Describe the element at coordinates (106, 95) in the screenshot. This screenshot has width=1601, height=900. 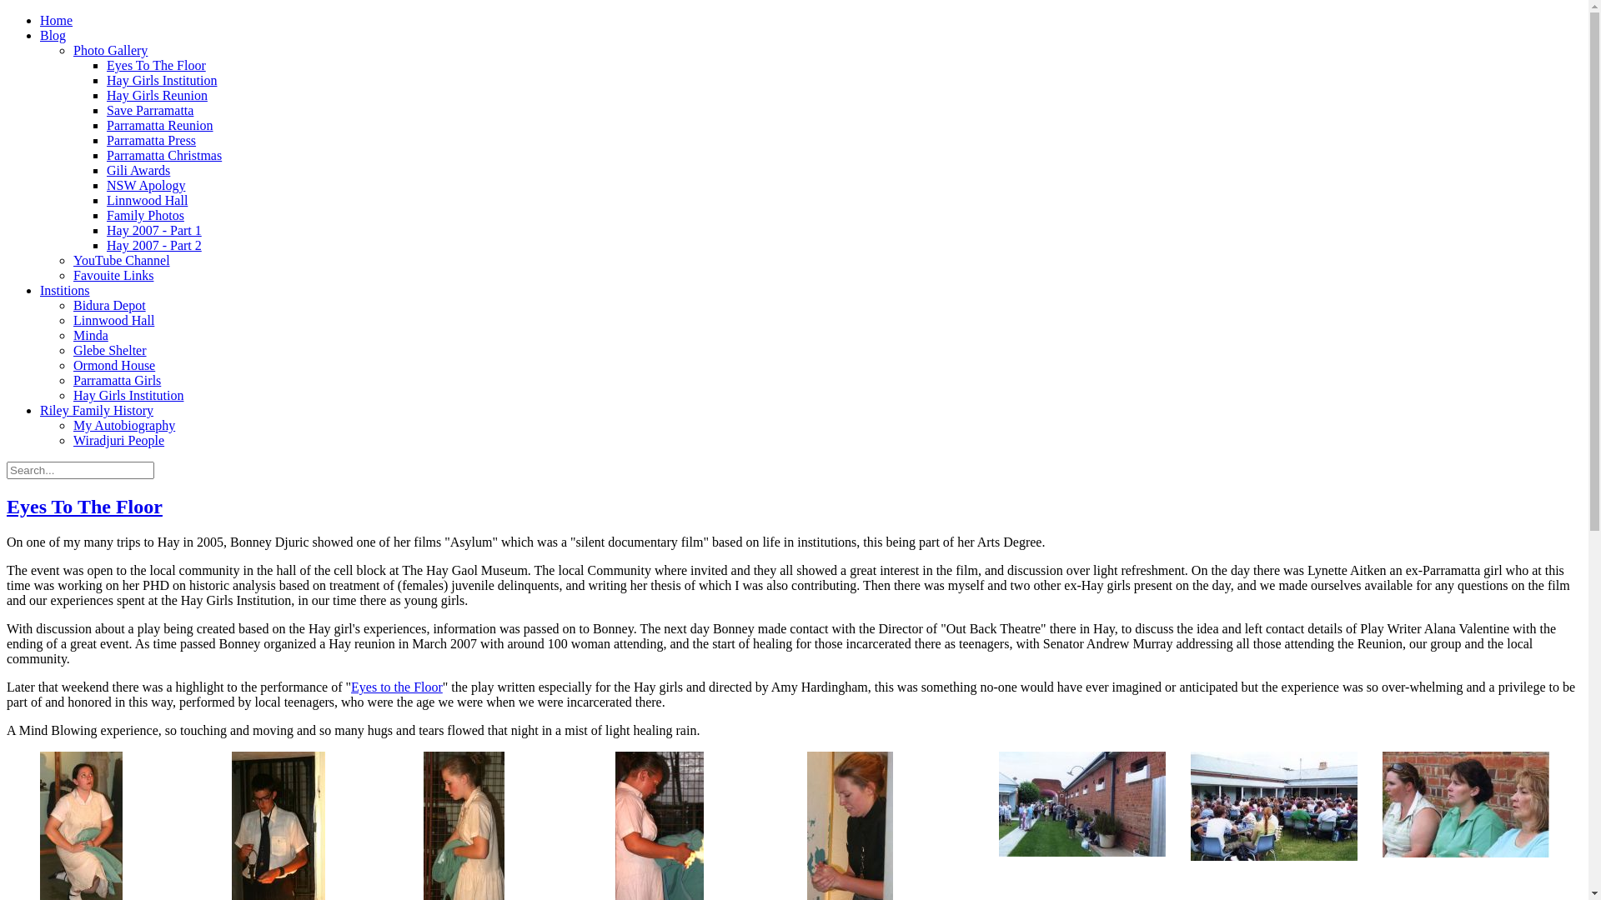
I see `'Hay Girls Reunion'` at that location.